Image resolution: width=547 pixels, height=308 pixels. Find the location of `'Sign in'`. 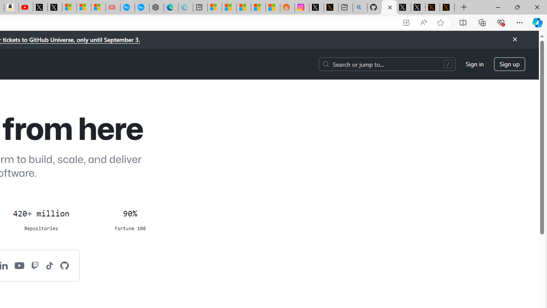

'Sign in' is located at coordinates (474, 63).